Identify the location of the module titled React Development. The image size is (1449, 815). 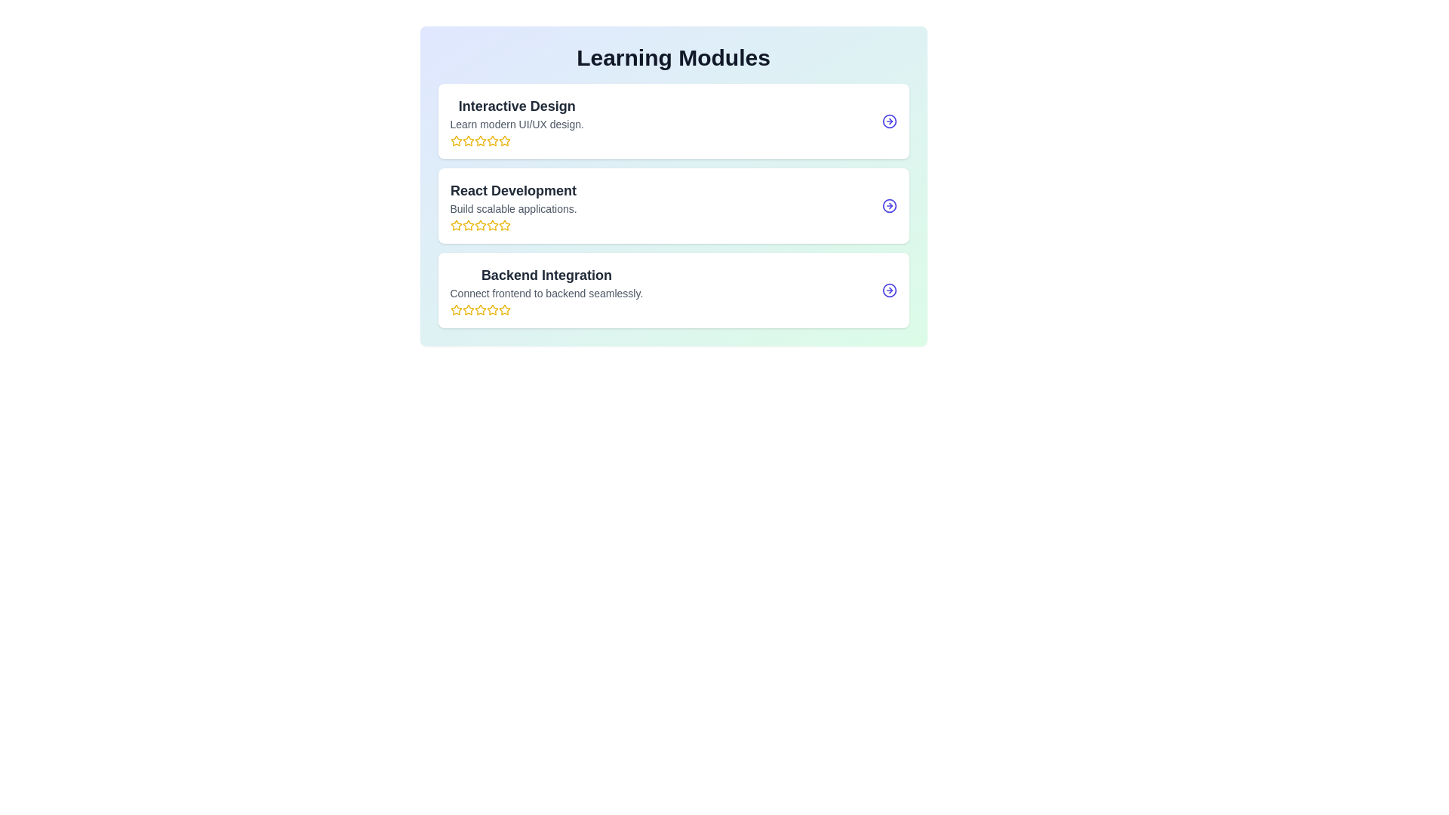
(672, 206).